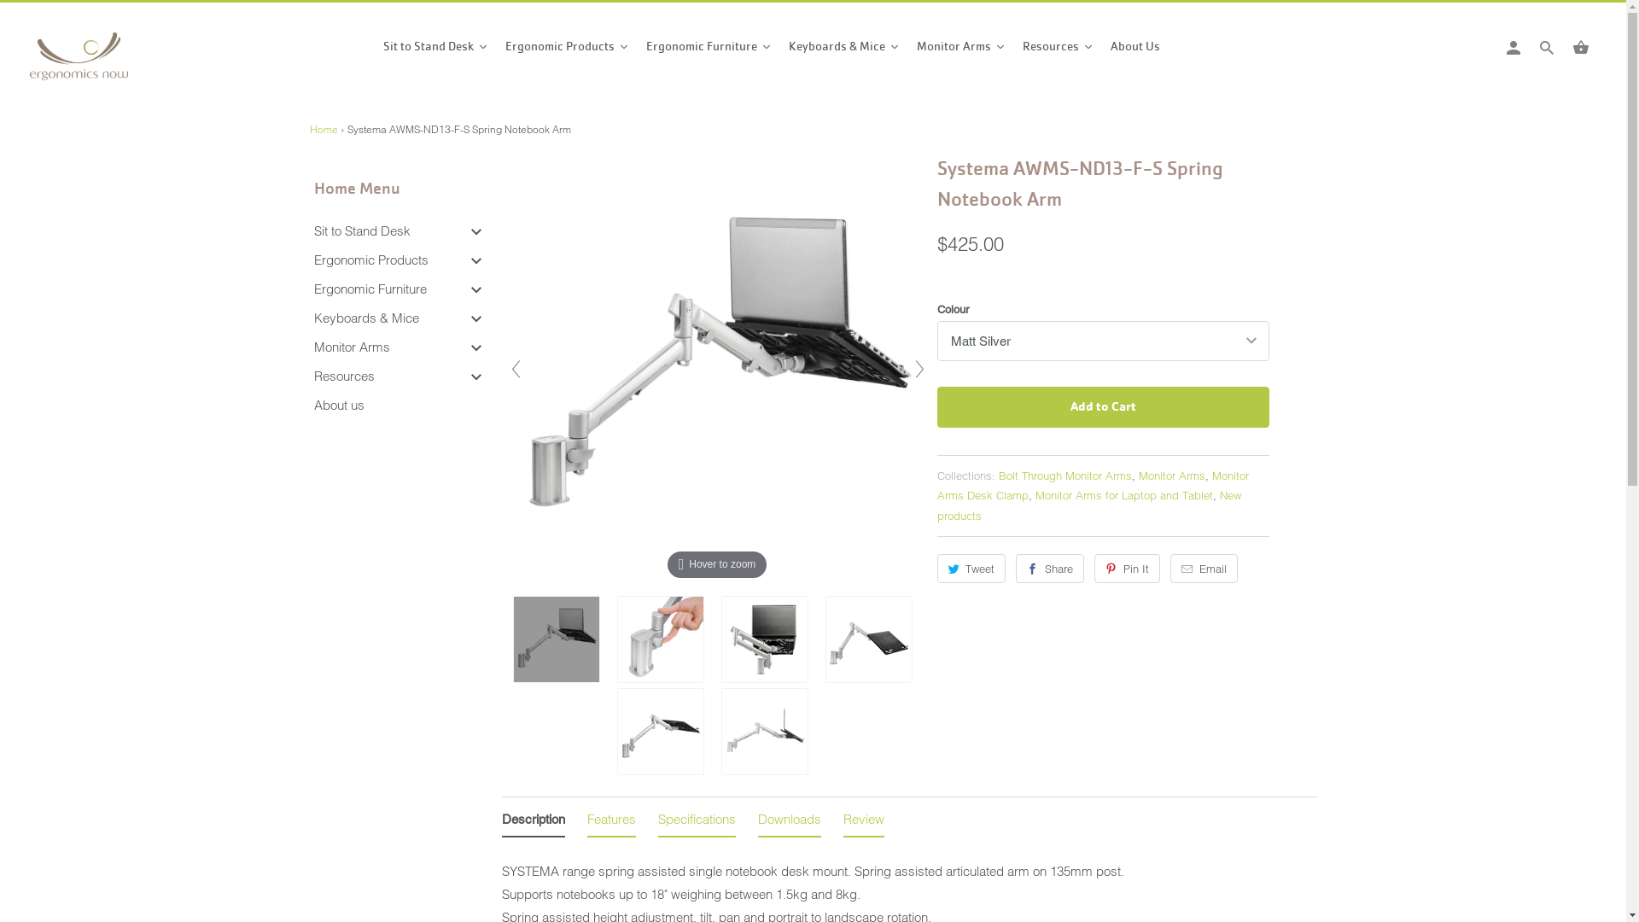  What do you see at coordinates (314, 288) in the screenshot?
I see `'Ergonomic Furniture'` at bounding box center [314, 288].